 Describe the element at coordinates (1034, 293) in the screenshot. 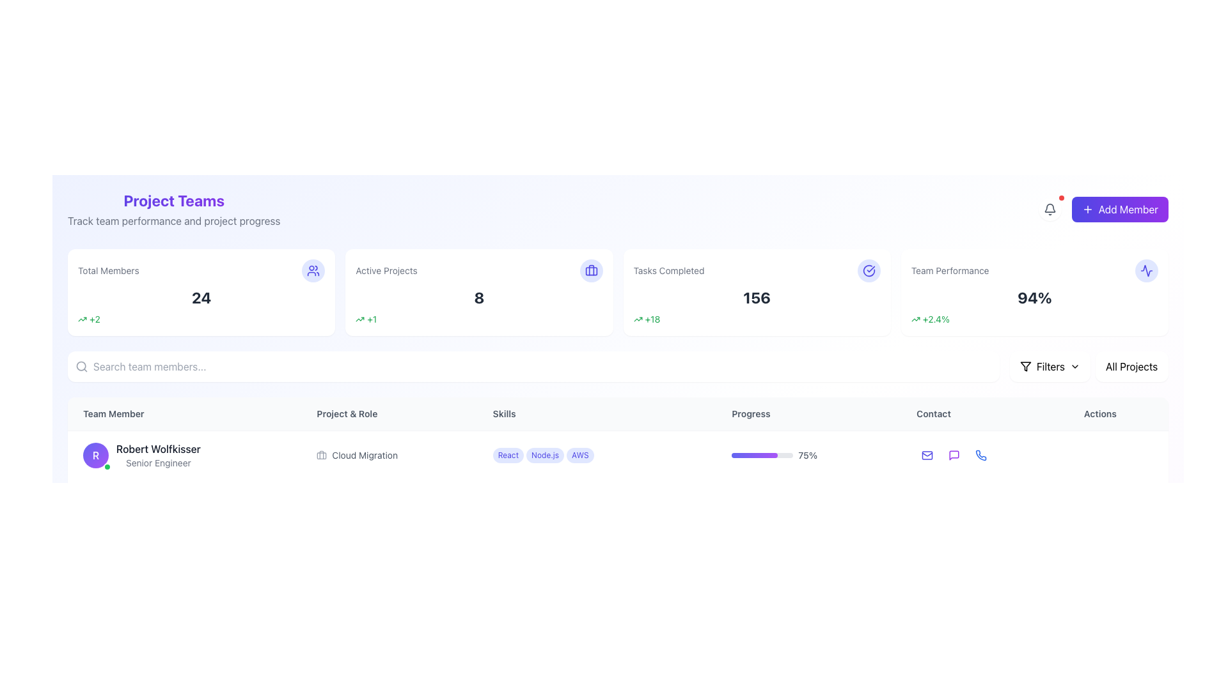

I see `the Information card that summarizes team performance metrics, located as the fourth card in a grid layout, to explore context options` at that location.